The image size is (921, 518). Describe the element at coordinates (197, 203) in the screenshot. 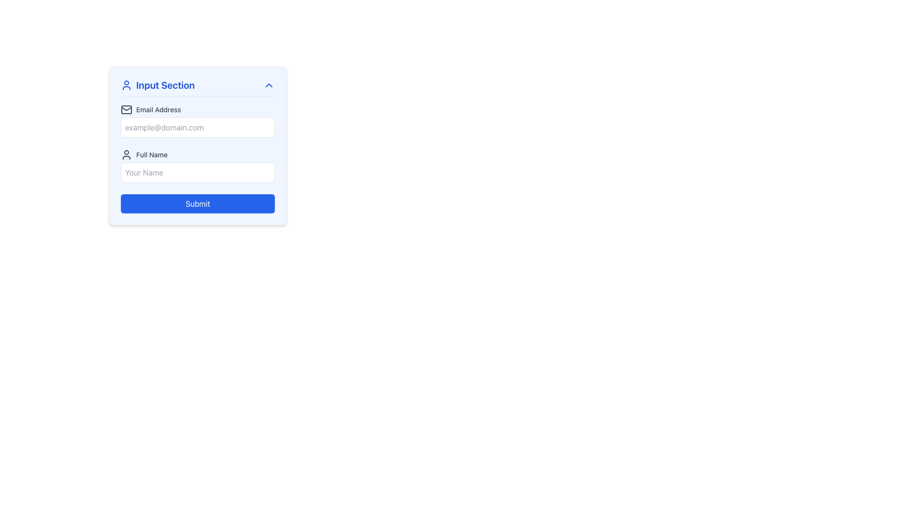

I see `the submit button located at the bottom of the form to interact via keyboard` at that location.